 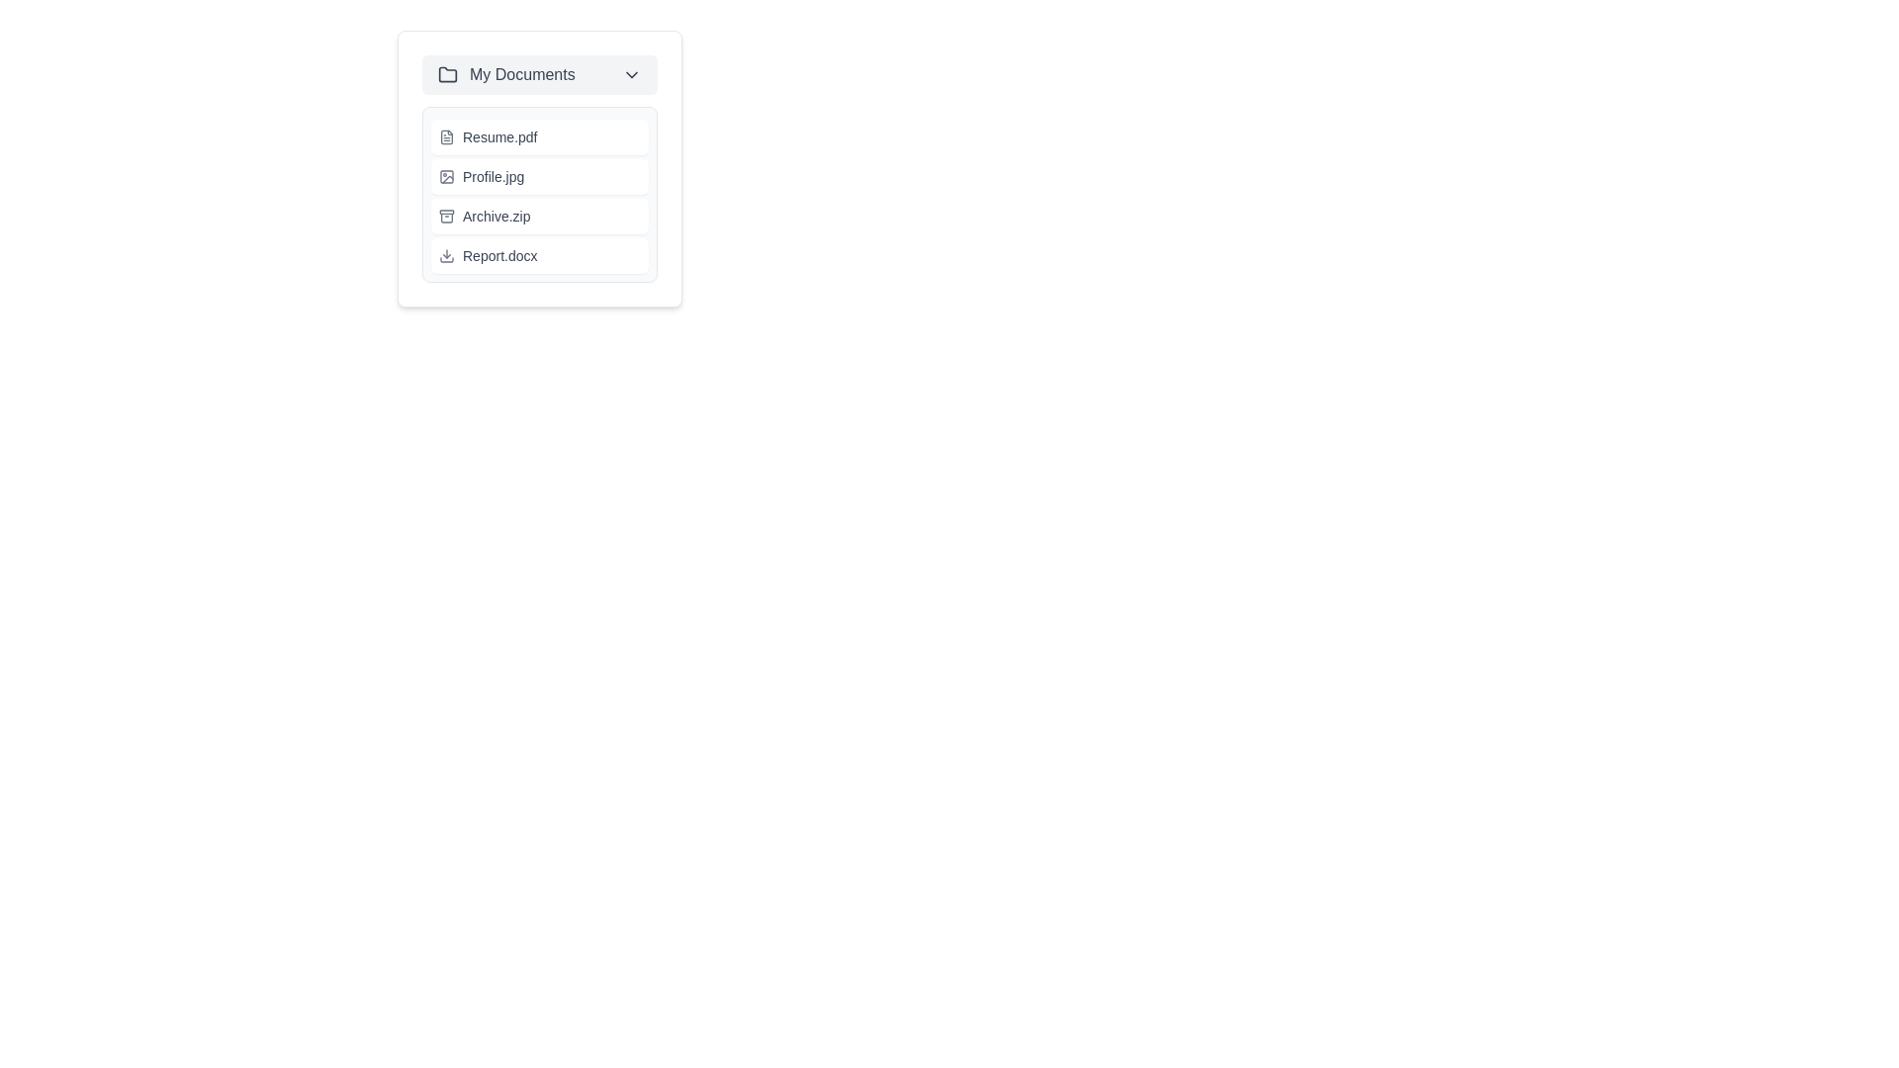 What do you see at coordinates (499, 135) in the screenshot?
I see `the text label displaying 'Resume.pdf'` at bounding box center [499, 135].